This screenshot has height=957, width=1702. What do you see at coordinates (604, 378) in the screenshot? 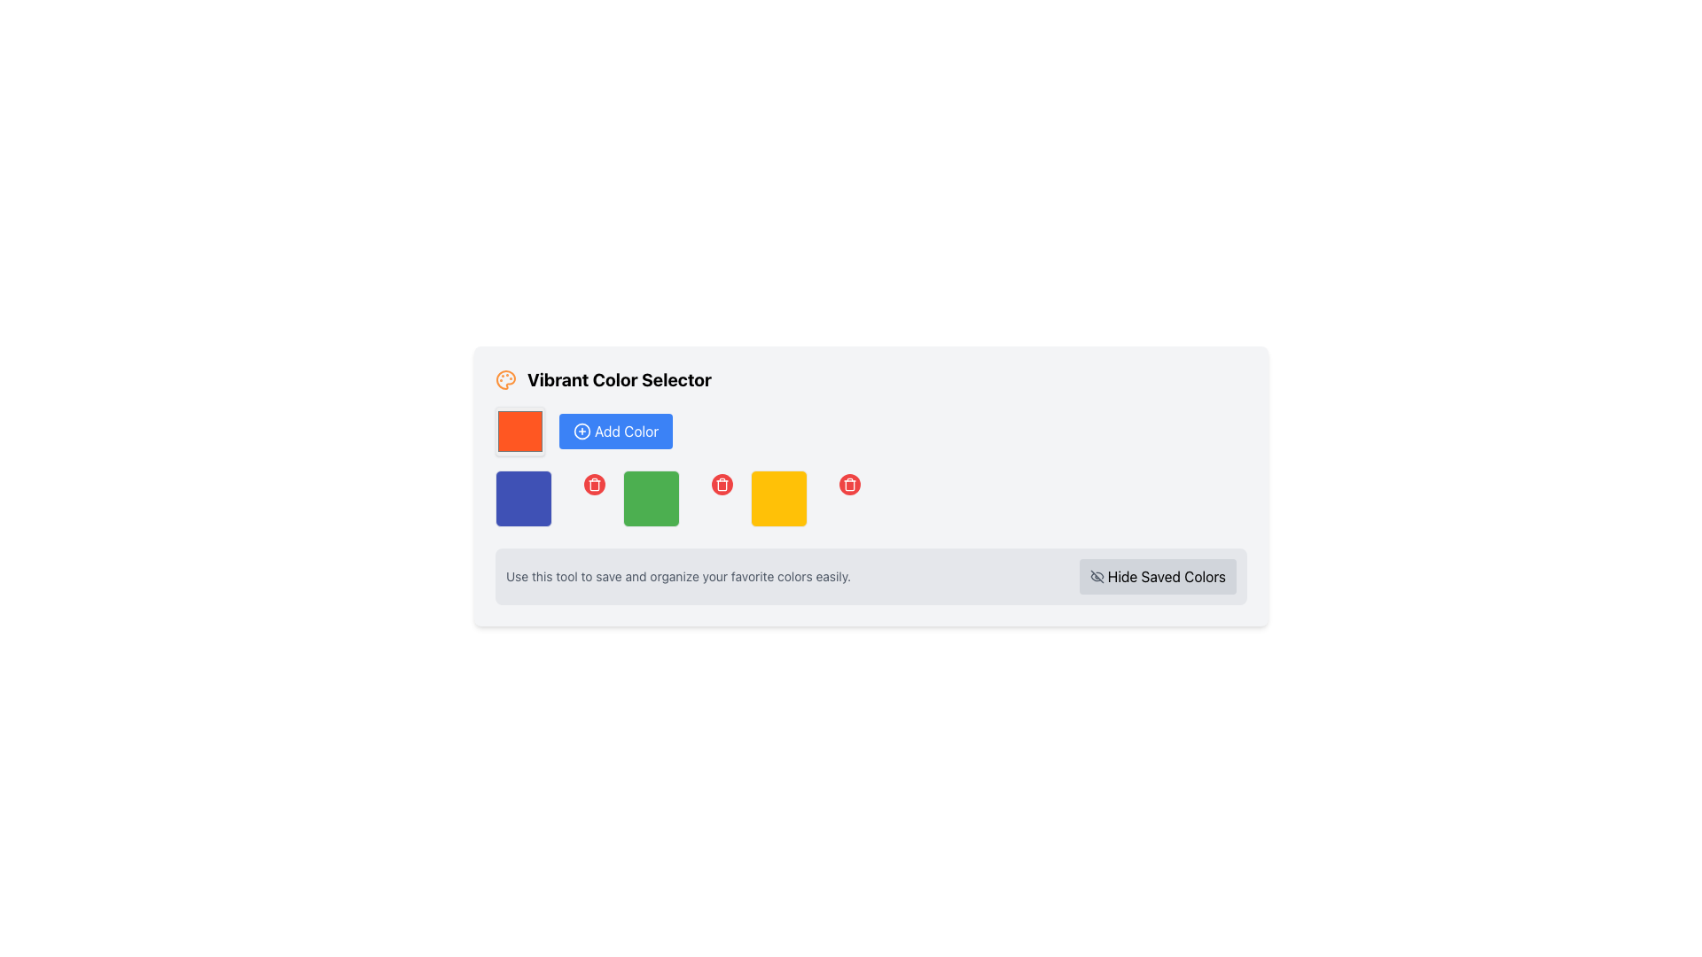
I see `the Heading Label displaying 'Vibrant Color Selector', which is styled in bold and large font and located to the right of an orange palette icon` at bounding box center [604, 378].